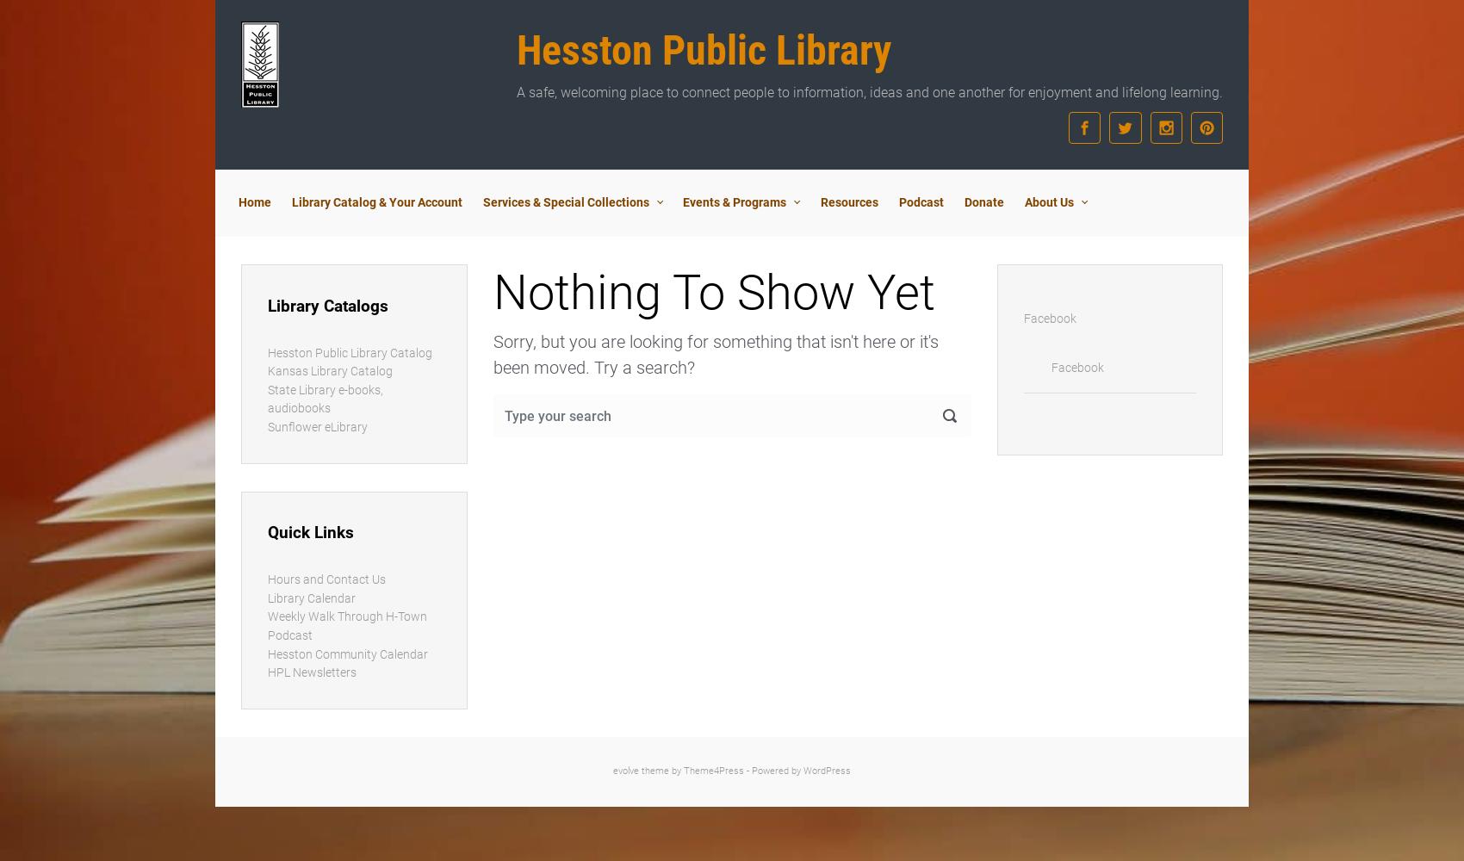 The height and width of the screenshot is (861, 1464). Describe the element at coordinates (267, 426) in the screenshot. I see `'Sunflower eLibrary'` at that location.